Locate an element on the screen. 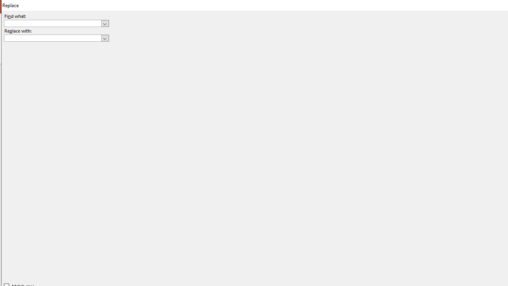 The height and width of the screenshot is (286, 508). 'Find what' is located at coordinates (52, 23).